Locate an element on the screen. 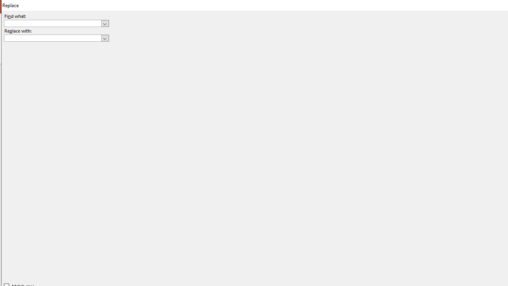 The height and width of the screenshot is (286, 508). 'Find what' is located at coordinates (52, 23).